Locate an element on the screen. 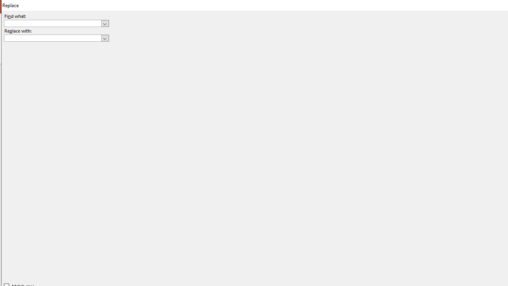 The height and width of the screenshot is (286, 508). 'Find what' is located at coordinates (52, 23).